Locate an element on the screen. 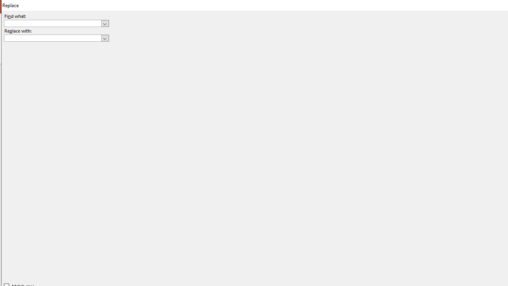 The height and width of the screenshot is (286, 508). 'Find what' is located at coordinates (52, 23).